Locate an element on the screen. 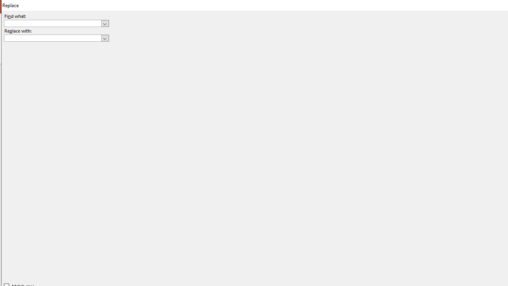 The height and width of the screenshot is (286, 508). 'Find what' is located at coordinates (52, 23).